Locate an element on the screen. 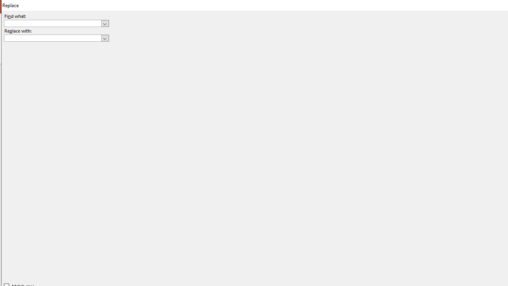 The height and width of the screenshot is (286, 508). 'Find what' is located at coordinates (52, 23).